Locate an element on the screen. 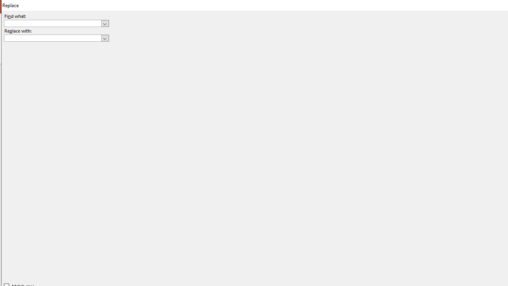 The height and width of the screenshot is (286, 508). 'Find what' is located at coordinates (52, 23).